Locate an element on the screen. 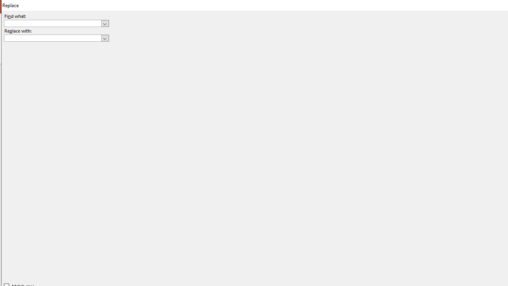 The height and width of the screenshot is (286, 508). 'Find what' is located at coordinates (52, 23).